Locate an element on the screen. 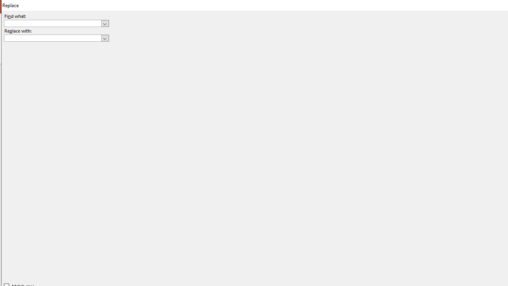 The height and width of the screenshot is (286, 508). 'Find what' is located at coordinates (52, 23).